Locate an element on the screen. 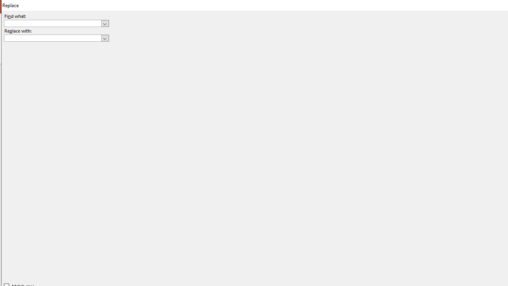 The height and width of the screenshot is (286, 508). 'Find what' is located at coordinates (52, 23).